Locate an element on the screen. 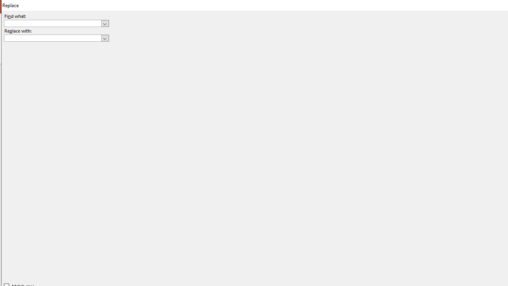 The height and width of the screenshot is (286, 508). 'Find what' is located at coordinates (52, 23).